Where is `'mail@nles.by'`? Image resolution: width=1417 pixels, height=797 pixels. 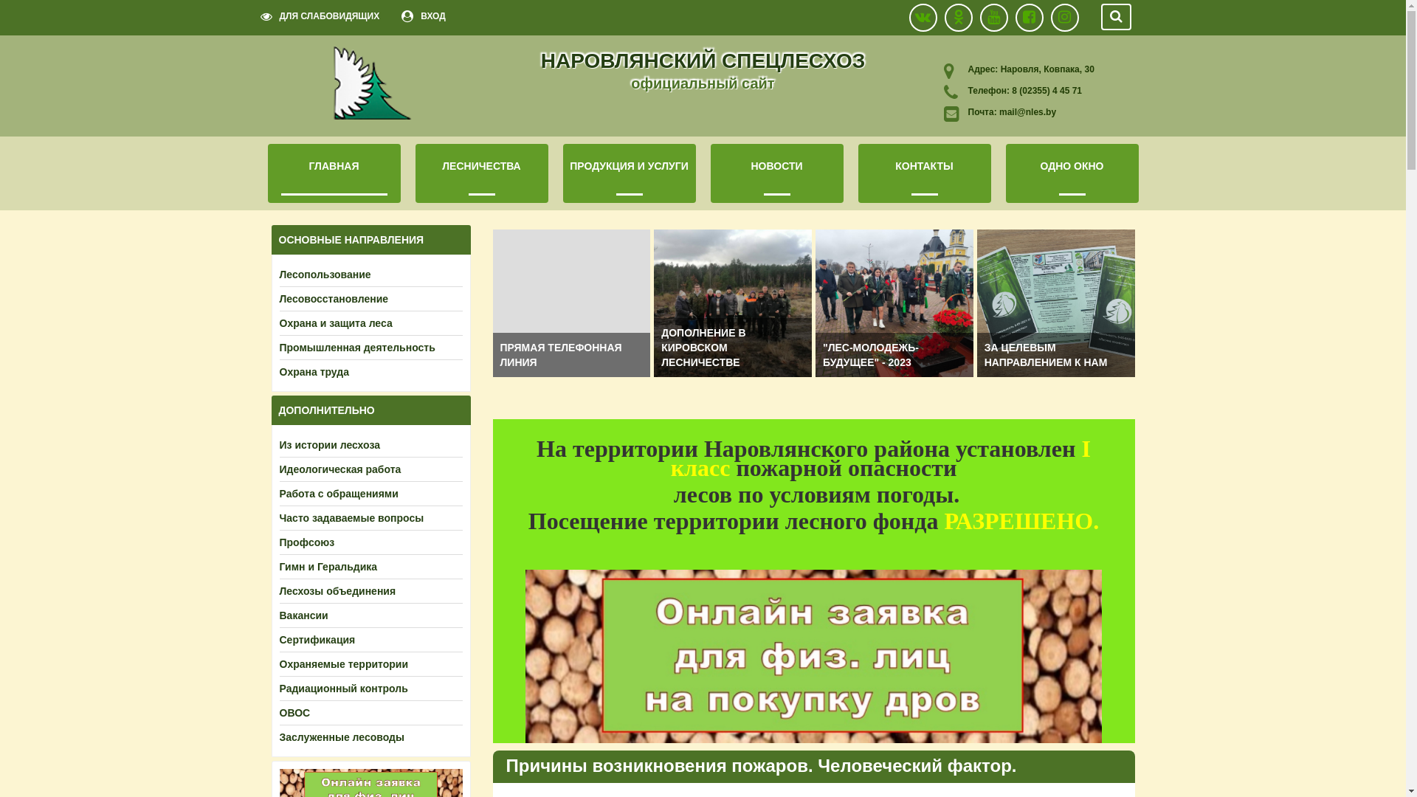
'mail@nles.by' is located at coordinates (1027, 111).